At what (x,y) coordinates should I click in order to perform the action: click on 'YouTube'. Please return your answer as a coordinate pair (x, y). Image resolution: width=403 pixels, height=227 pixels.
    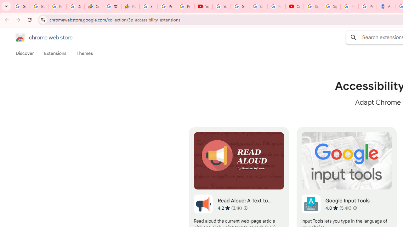
    Looking at the image, I should click on (203, 6).